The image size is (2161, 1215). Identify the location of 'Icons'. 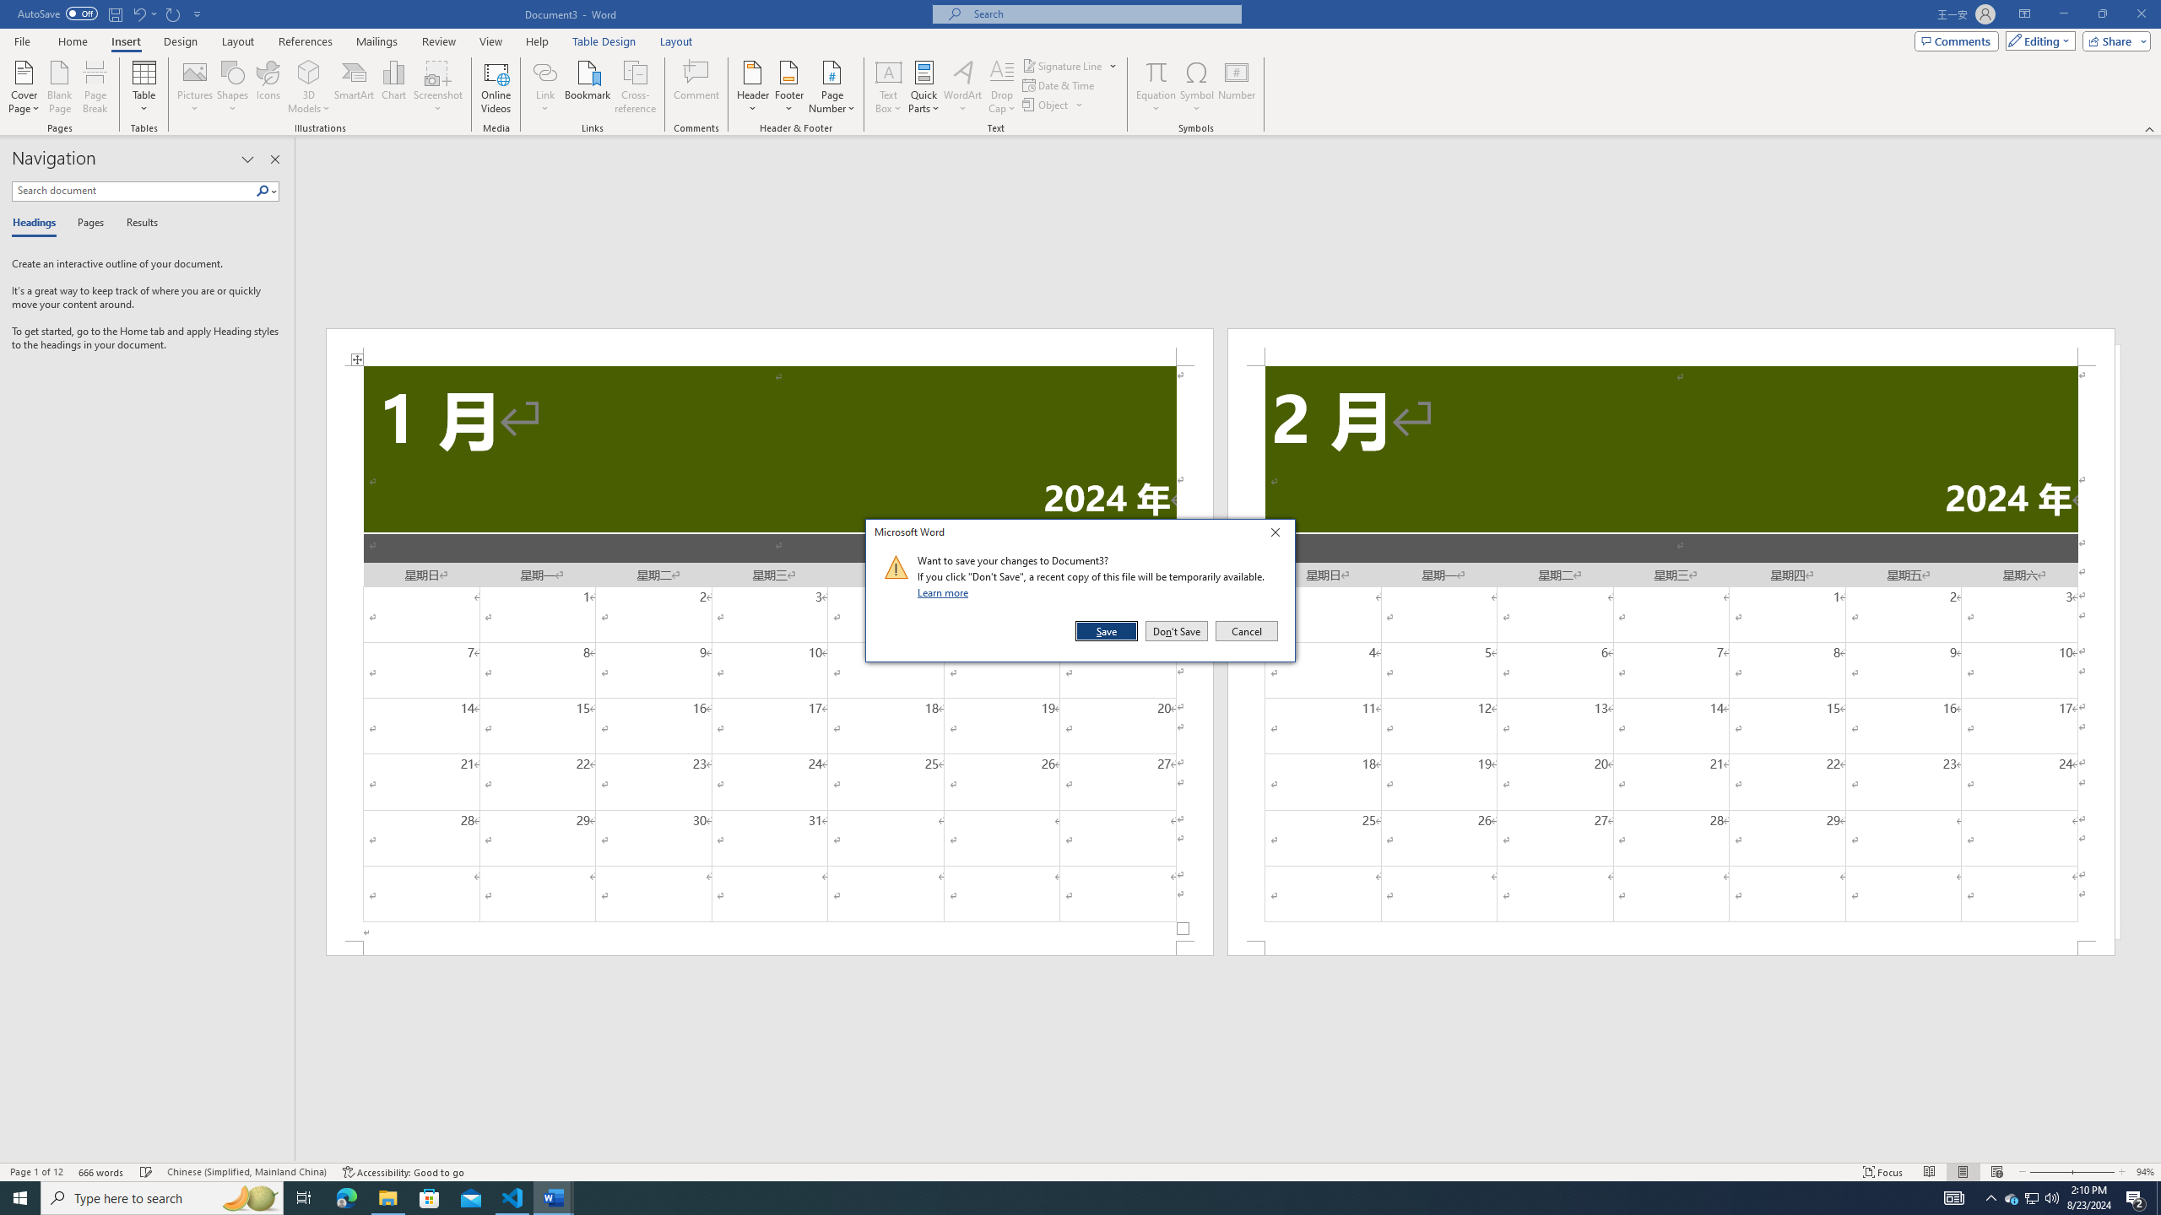
(268, 87).